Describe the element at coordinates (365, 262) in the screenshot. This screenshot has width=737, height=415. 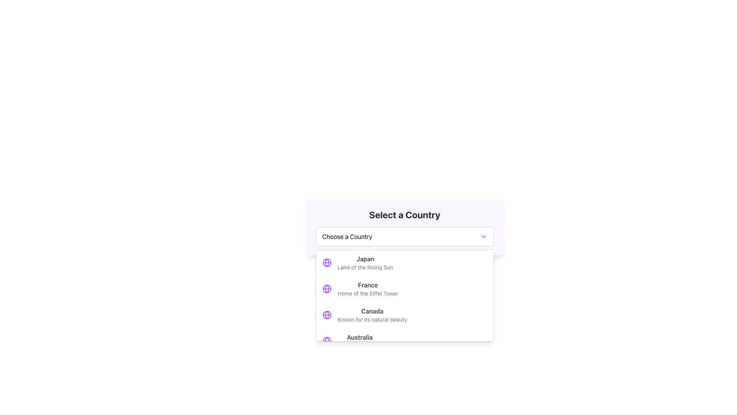
I see `the dropdown menu item labeled 'Japan' with the subtitle 'Land of the Rising Sun'` at that location.